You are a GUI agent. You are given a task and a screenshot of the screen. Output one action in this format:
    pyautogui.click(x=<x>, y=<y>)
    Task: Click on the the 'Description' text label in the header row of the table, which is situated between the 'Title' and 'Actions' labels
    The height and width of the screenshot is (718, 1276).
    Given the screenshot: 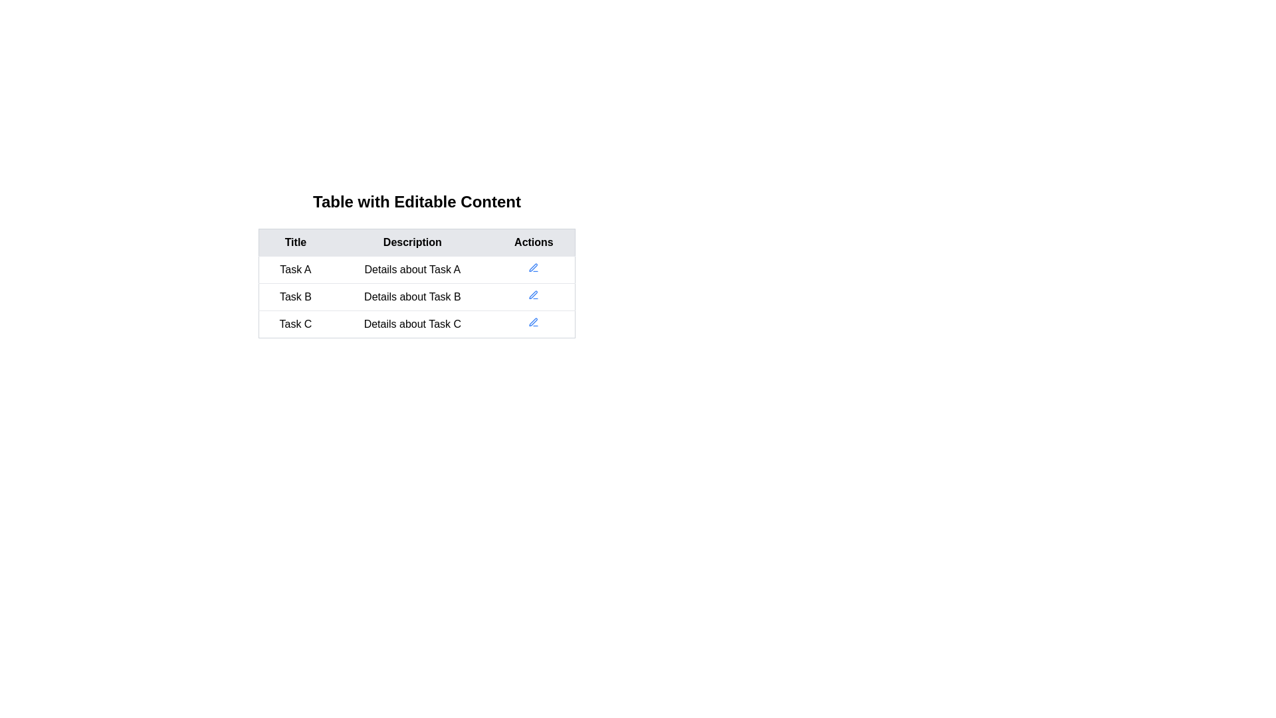 What is the action you would take?
    pyautogui.click(x=411, y=243)
    